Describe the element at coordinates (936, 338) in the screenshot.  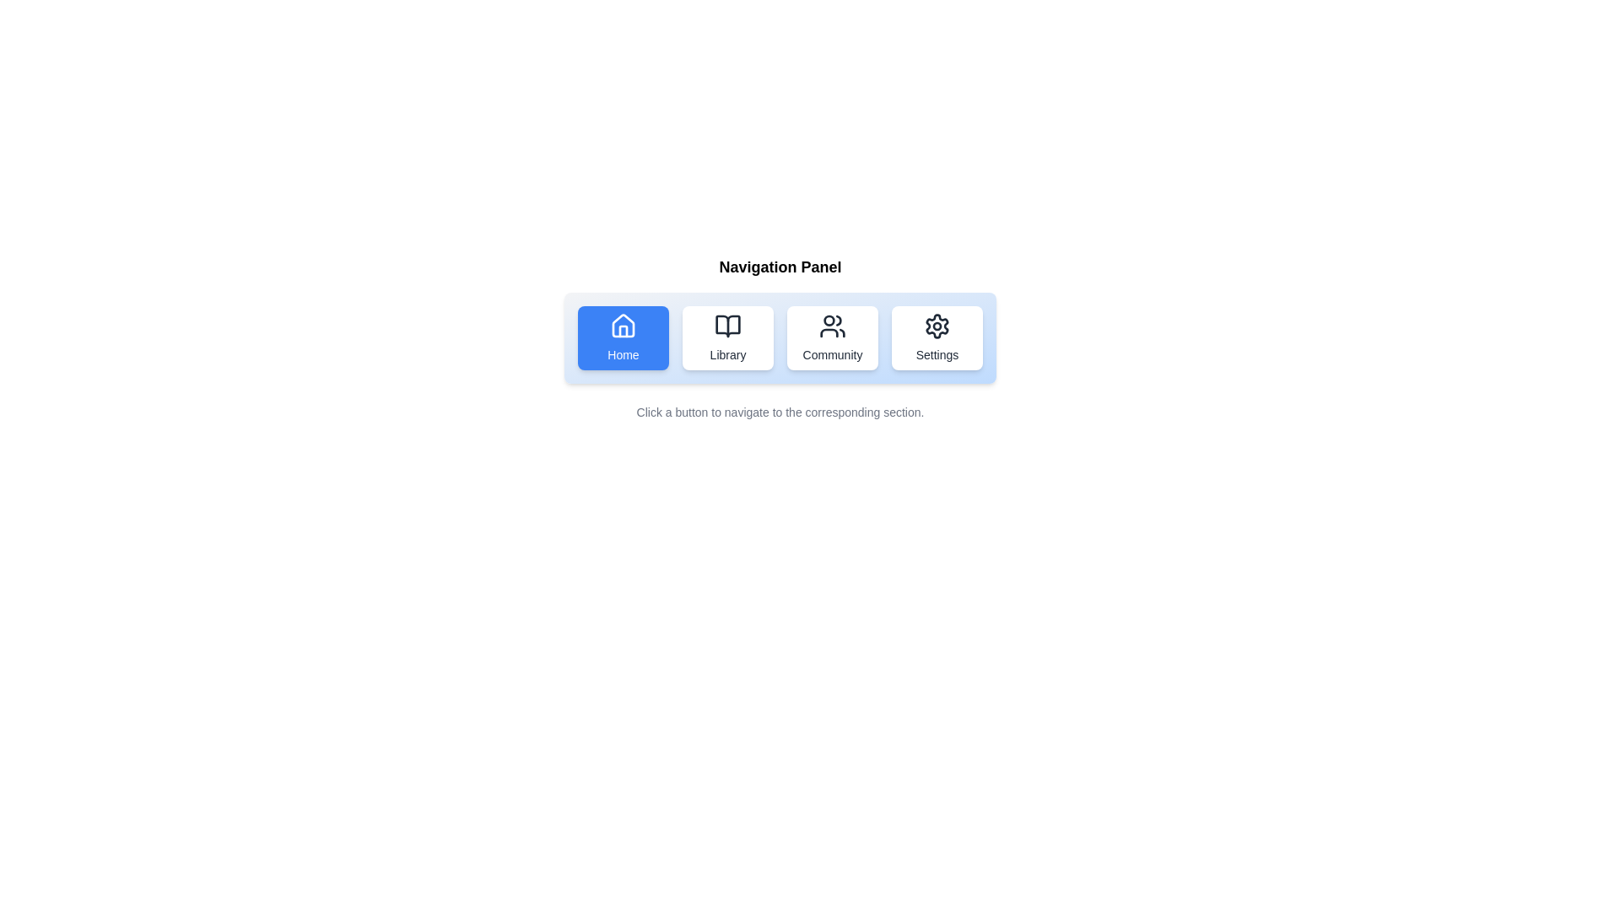
I see `the interactive navigation button for settings, located at the fourth position in the navigation panel, to change its appearance` at that location.